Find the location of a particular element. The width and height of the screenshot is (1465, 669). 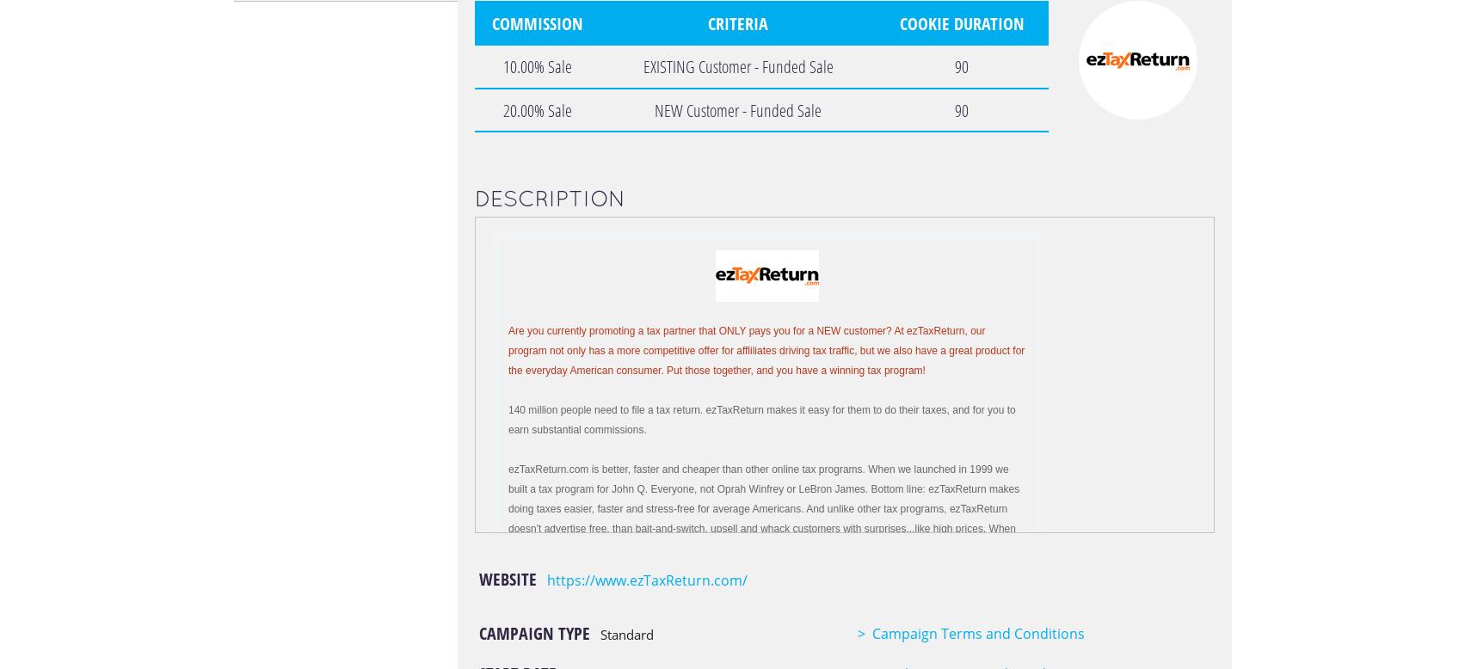

'20.00% Sale' is located at coordinates (535, 108).